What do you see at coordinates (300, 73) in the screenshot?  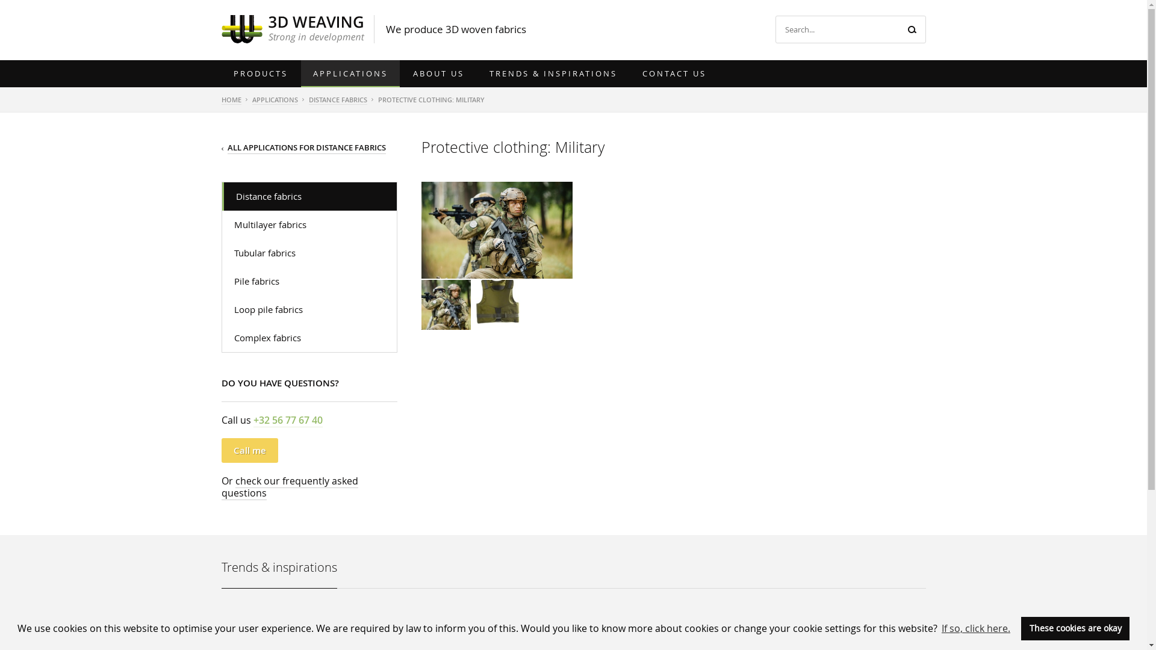 I see `'APPLICATIONS'` at bounding box center [300, 73].